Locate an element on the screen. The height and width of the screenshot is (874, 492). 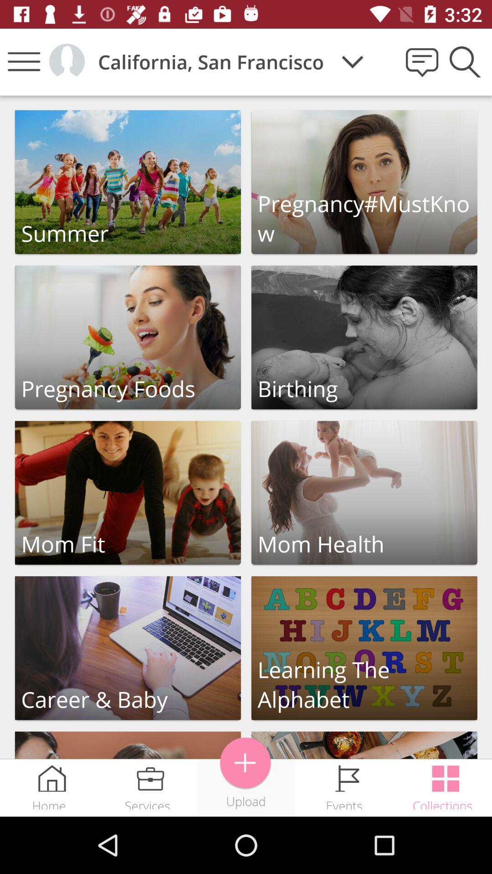
more pregnancy and child care tips is located at coordinates (364, 745).